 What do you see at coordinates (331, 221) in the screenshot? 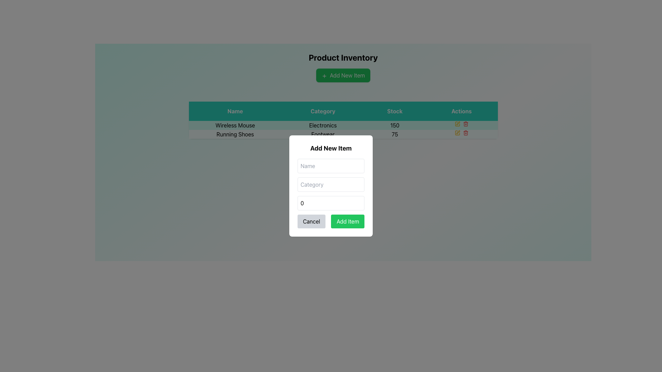
I see `the 'Add Item' button, which is part of the Button Group at the bottom of the 'Add New Item' modal dialog` at bounding box center [331, 221].